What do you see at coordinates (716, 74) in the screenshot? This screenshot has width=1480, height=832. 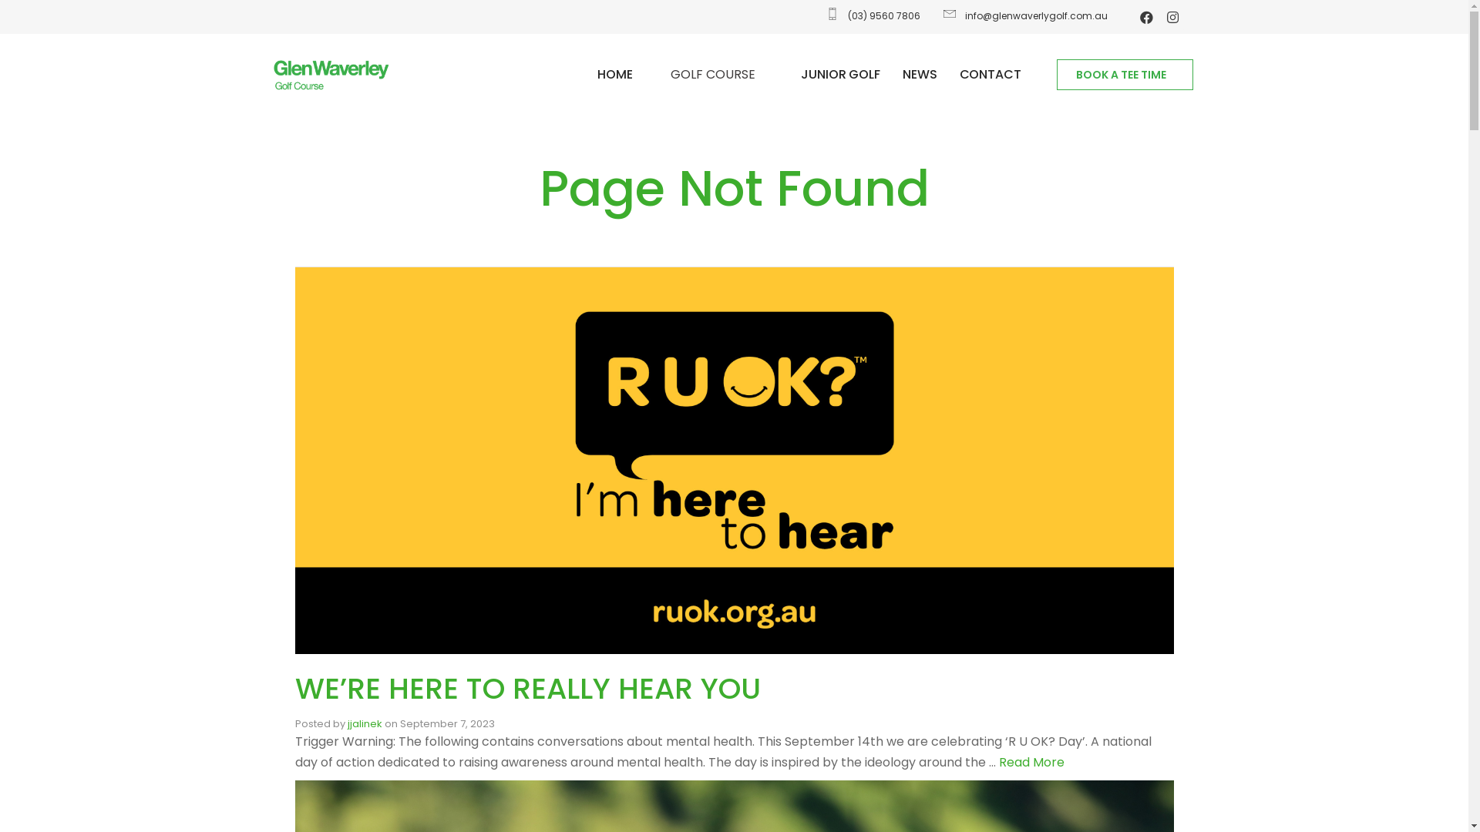 I see `'GOLF COURSE'` at bounding box center [716, 74].